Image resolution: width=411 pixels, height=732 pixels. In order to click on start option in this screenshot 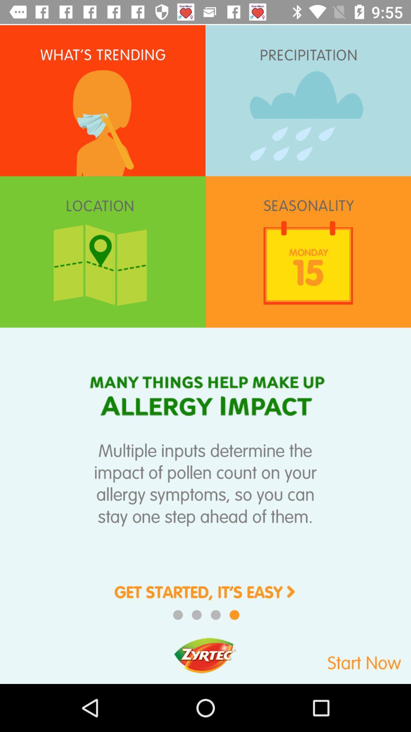, I will do `click(336, 658)`.